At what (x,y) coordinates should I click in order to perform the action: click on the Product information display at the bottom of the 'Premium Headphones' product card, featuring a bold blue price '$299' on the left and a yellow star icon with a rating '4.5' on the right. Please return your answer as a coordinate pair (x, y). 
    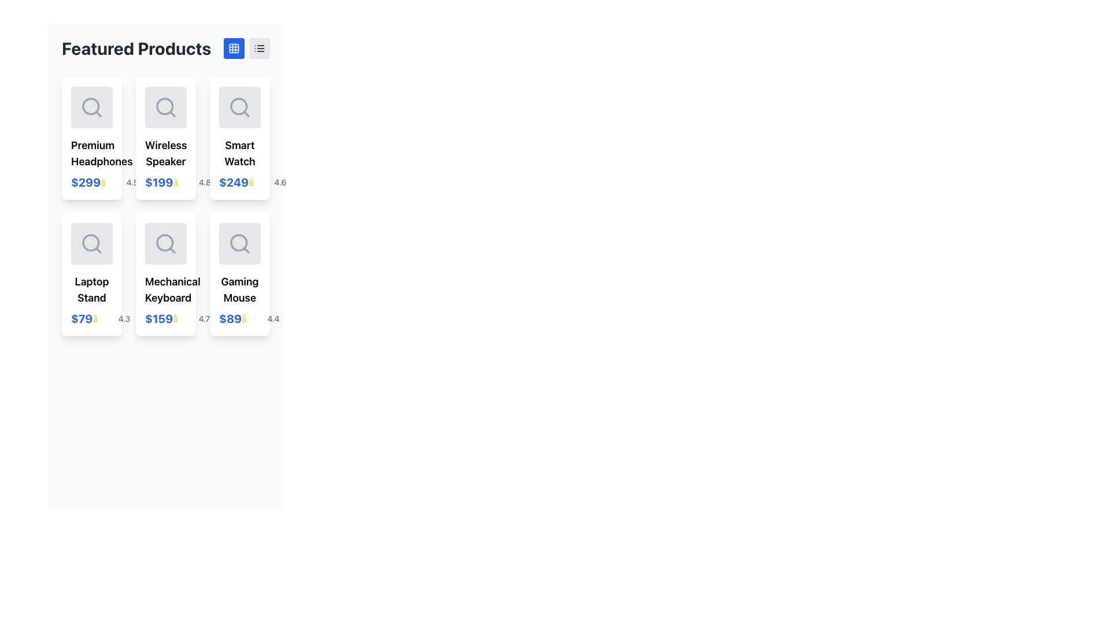
    Looking at the image, I should click on (91, 182).